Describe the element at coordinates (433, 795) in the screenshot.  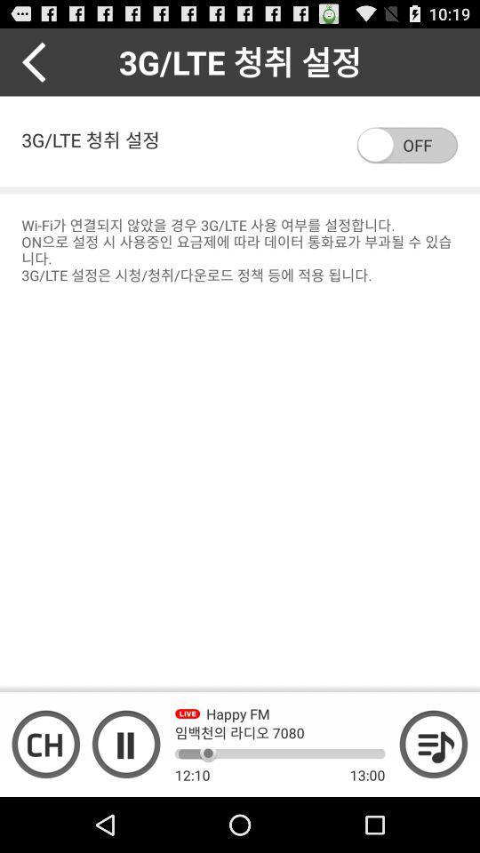
I see `the playlist icon` at that location.